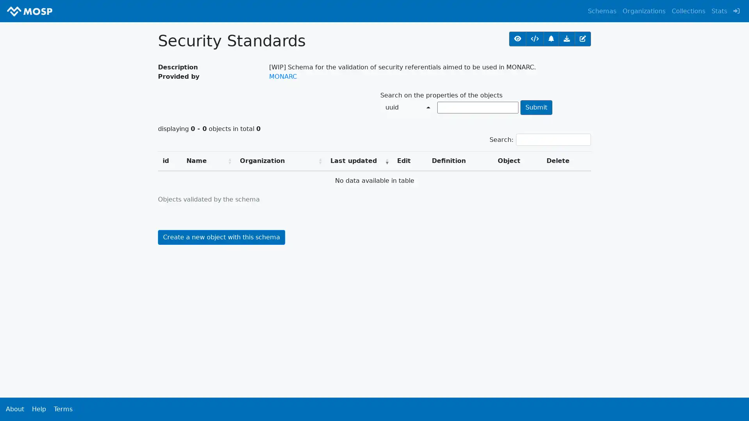 The height and width of the screenshot is (421, 749). What do you see at coordinates (582, 39) in the screenshot?
I see `Edit the schema` at bounding box center [582, 39].